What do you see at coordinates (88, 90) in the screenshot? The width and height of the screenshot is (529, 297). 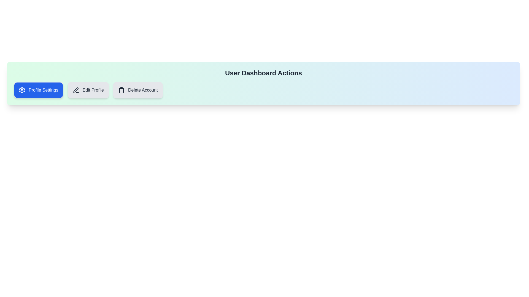 I see `the chip labeled Edit Profile` at bounding box center [88, 90].